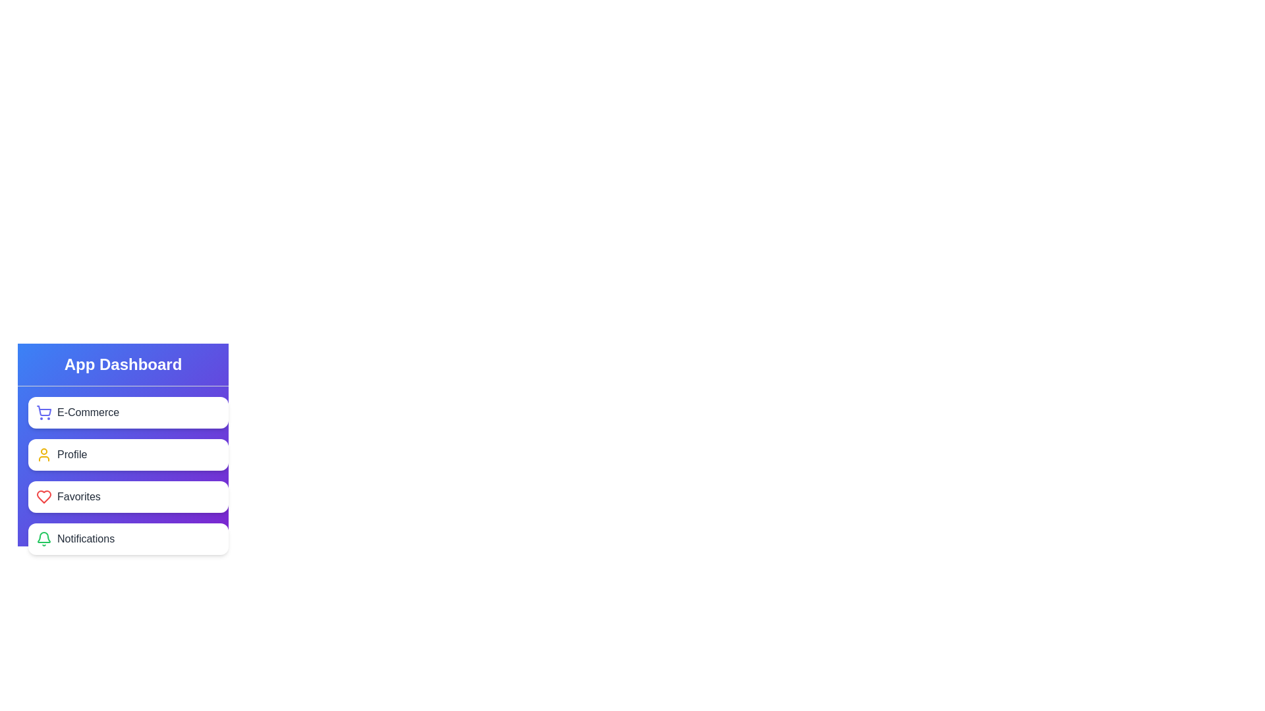 The width and height of the screenshot is (1265, 711). What do you see at coordinates (128, 454) in the screenshot?
I see `the navigation item Profile from the sidebar` at bounding box center [128, 454].